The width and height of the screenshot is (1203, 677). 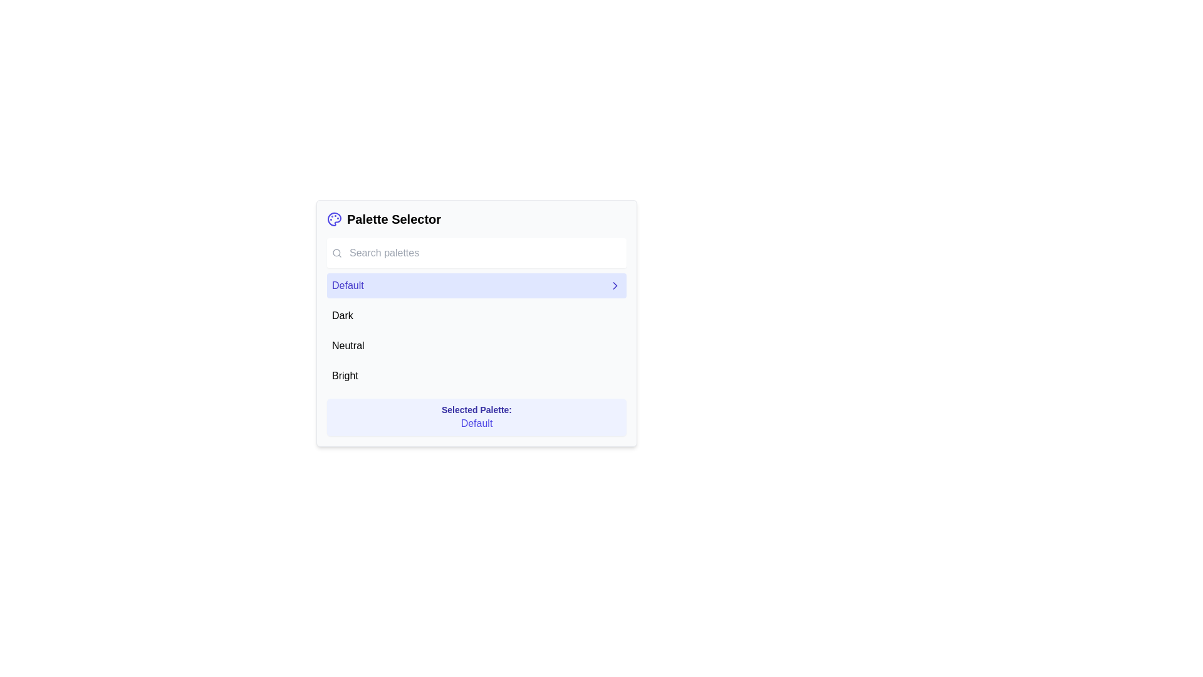 I want to click on the label displaying the text 'Default' in indigo color, which is styled in bold and positioned below 'Selected Palette:' with a light indigo background, so click(x=476, y=423).